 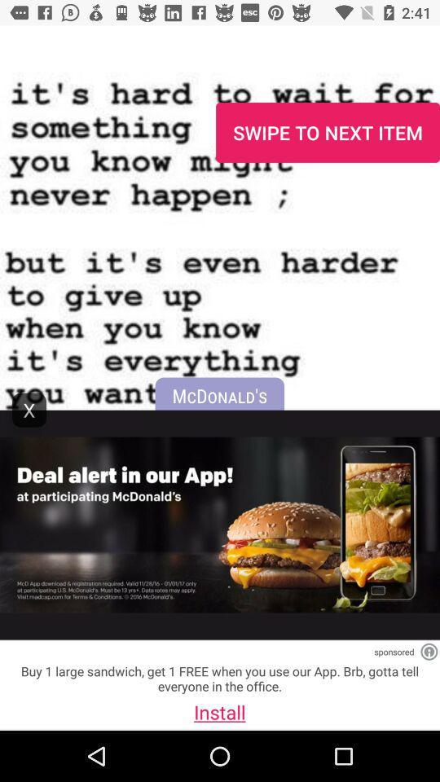 I want to click on the info icon, so click(x=429, y=652).